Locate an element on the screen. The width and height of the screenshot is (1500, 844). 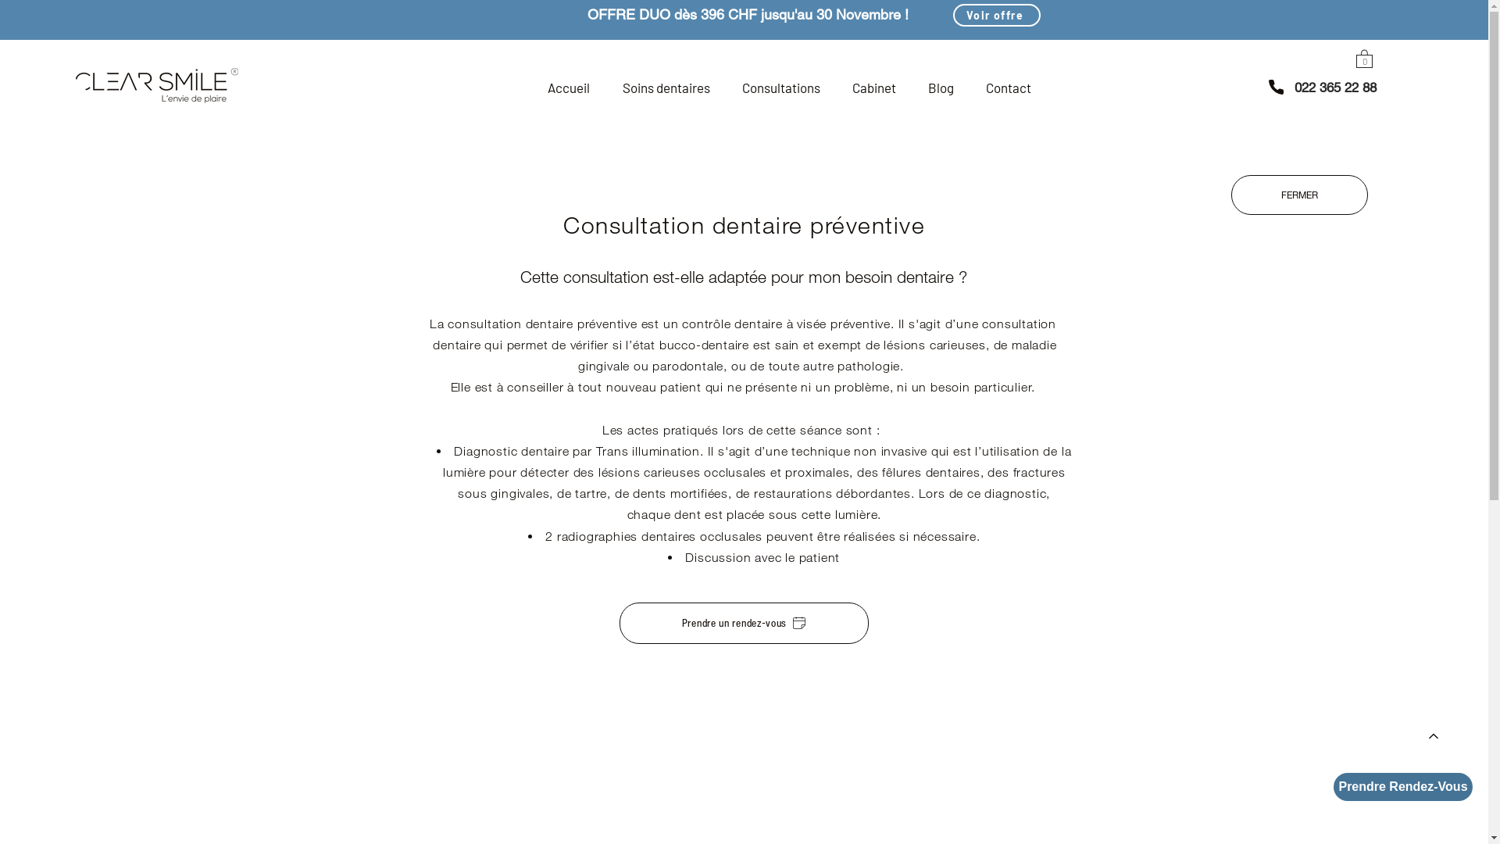
'Contact' is located at coordinates (969, 87).